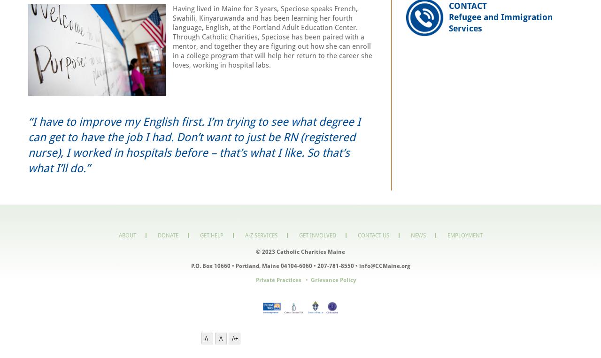  Describe the element at coordinates (193, 145) in the screenshot. I see `'“I have to improve my English first. I’m trying to see what degree I can get to have the job I had. Don’t want to just be RN (registered nurse), I worked in hospitals before – that’s what I like. So that’s what I’ll do.”'` at that location.